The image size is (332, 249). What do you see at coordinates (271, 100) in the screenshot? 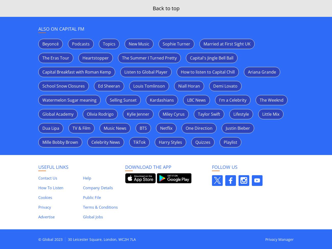
I see `'The Weeknd'` at bounding box center [271, 100].